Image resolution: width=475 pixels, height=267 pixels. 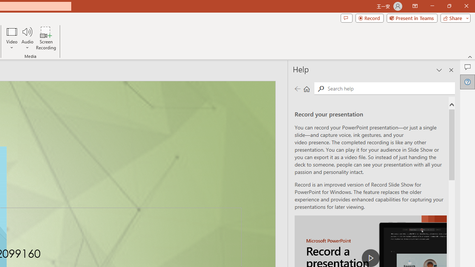 I want to click on 'Video', so click(x=12, y=38).